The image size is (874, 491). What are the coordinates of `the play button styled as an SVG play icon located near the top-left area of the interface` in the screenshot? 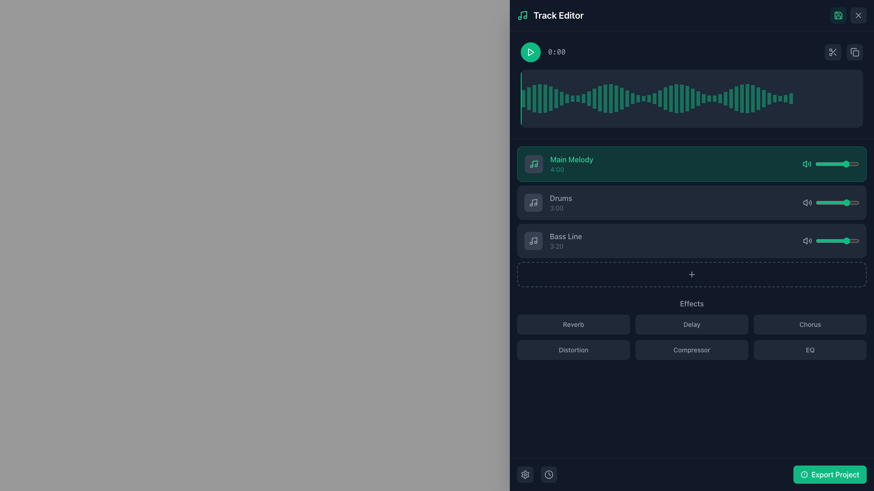 It's located at (531, 52).